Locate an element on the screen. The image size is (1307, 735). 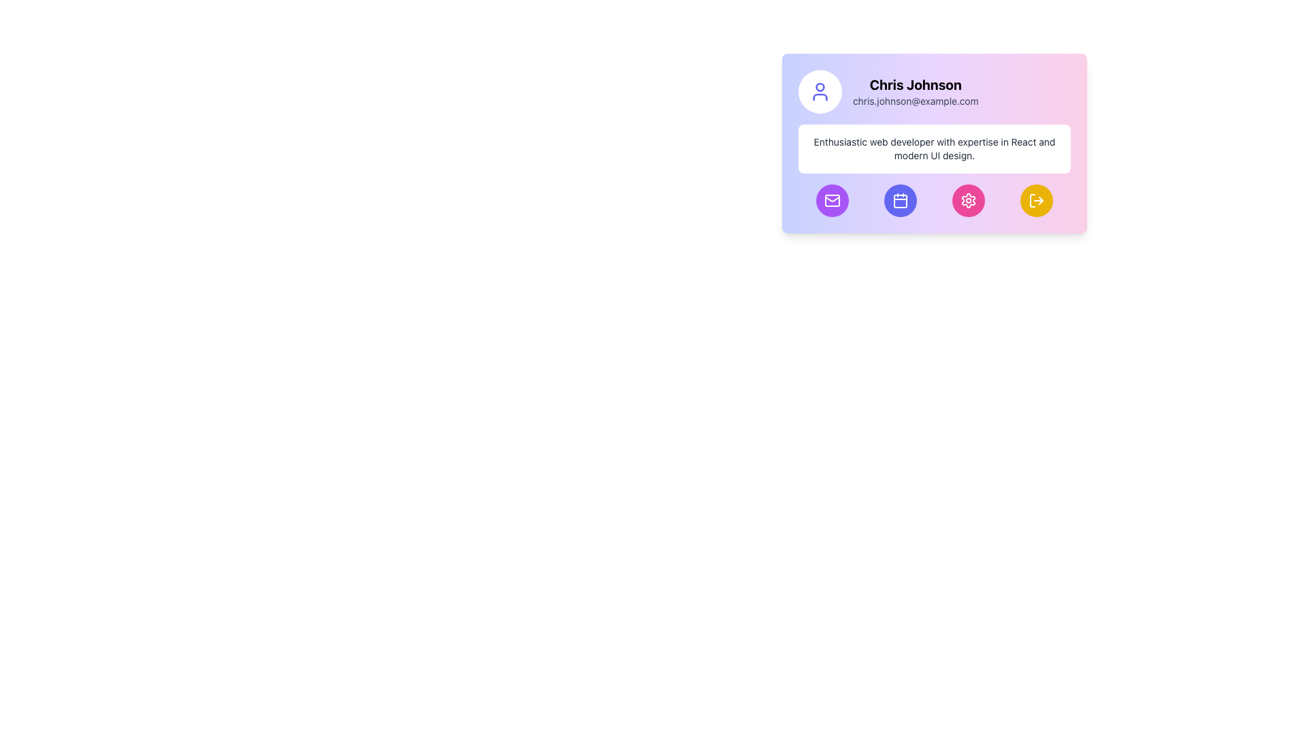
the Information Display element which shows a circular user icon and user details including 'Chris Johnson' and 'chris.johnson@example.com' is located at coordinates (933, 92).